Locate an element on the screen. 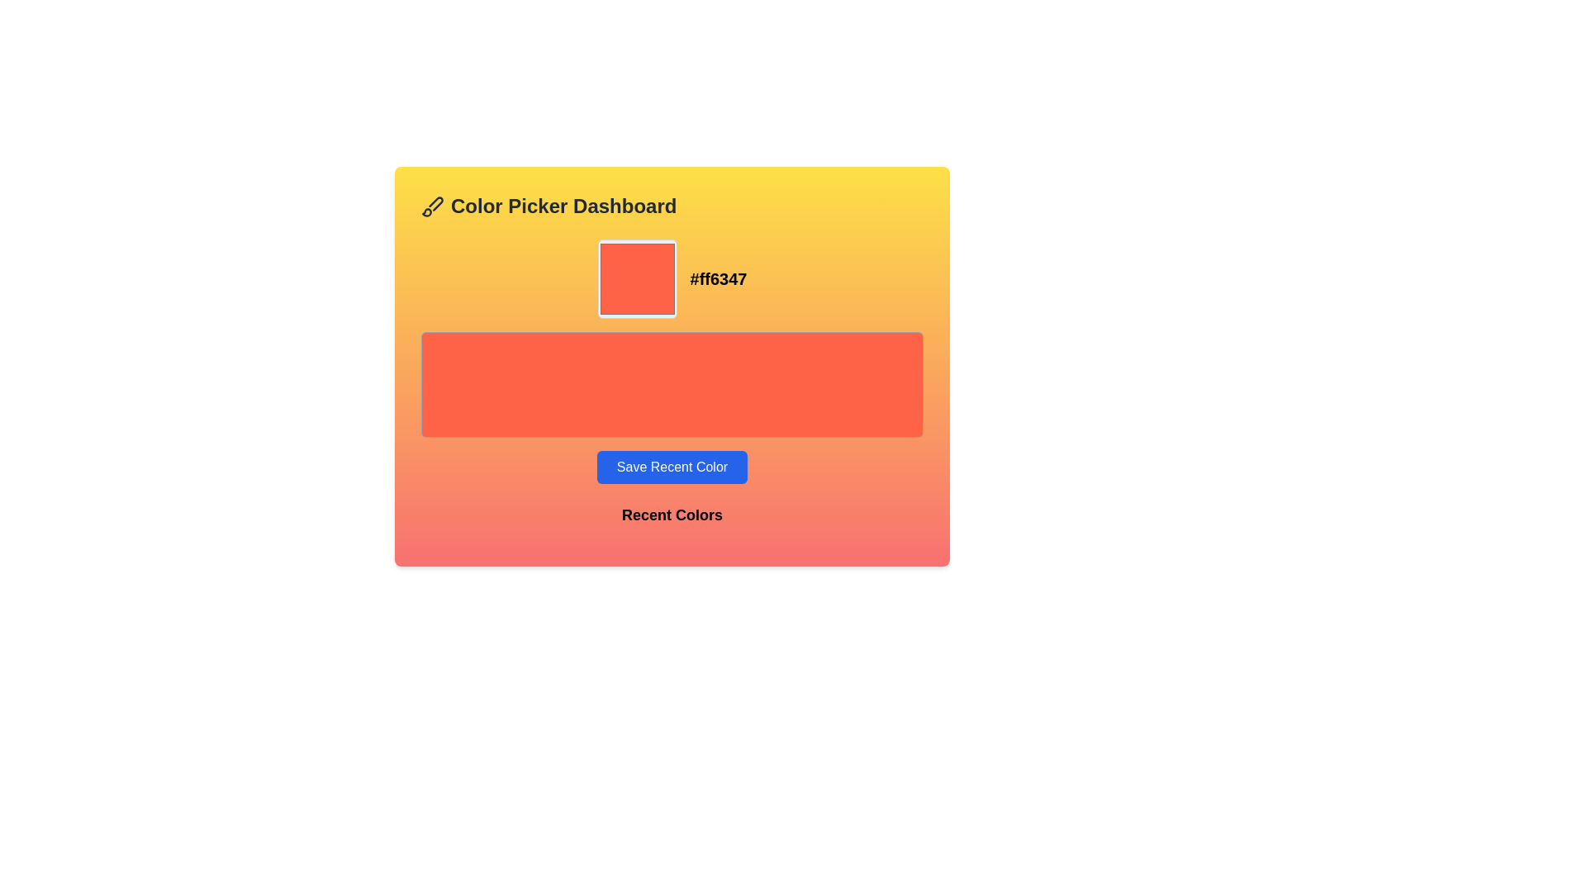 The width and height of the screenshot is (1586, 892). the 'Color Picker Dashboard' text header, which is styled in bold and large font, located at the top of the card layout with a gradient background is located at coordinates (672, 206).